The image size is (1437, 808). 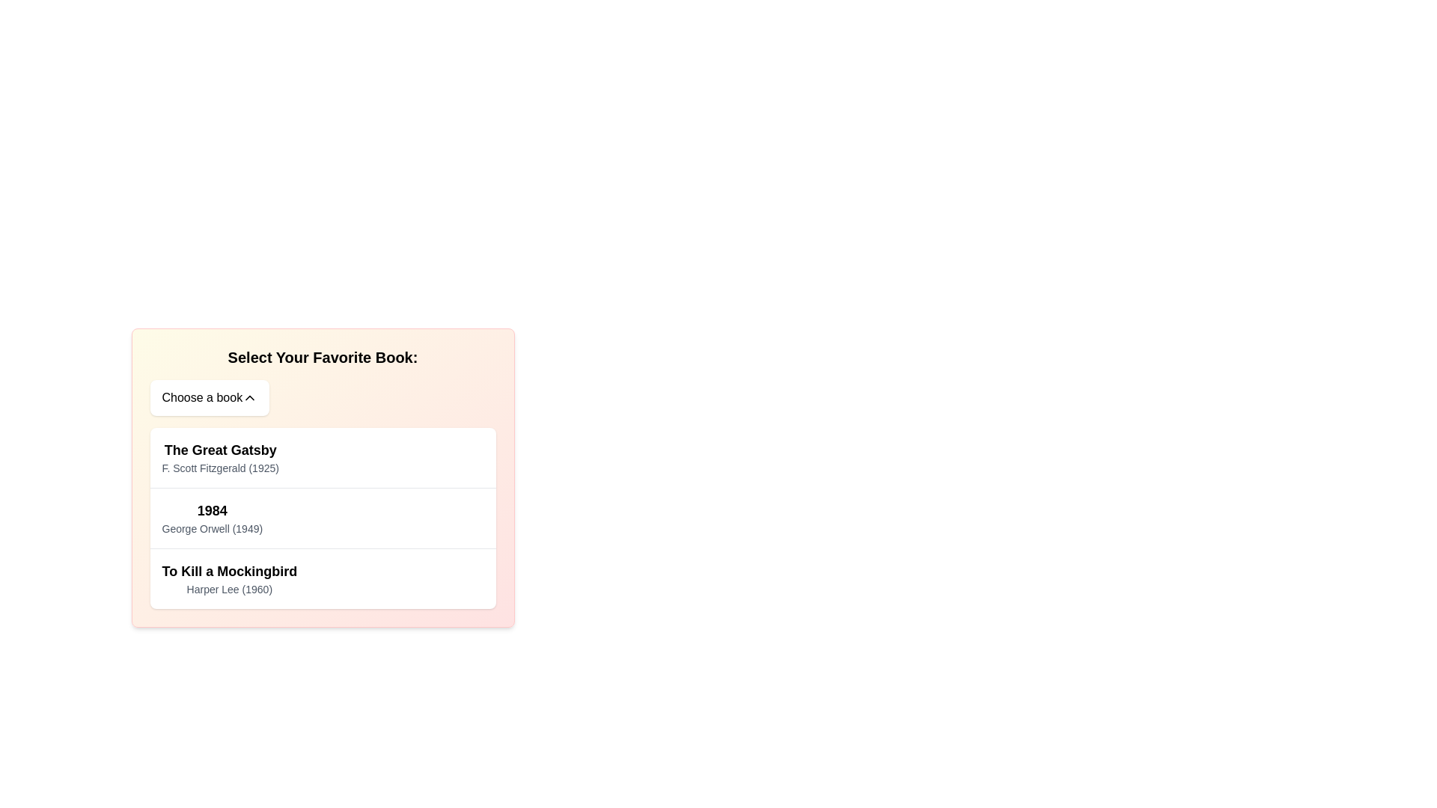 I want to click on the text element that provides additional information about the book 'The Great Gatsby', specifically the author and publication year, positioned directly below the title, so click(x=219, y=467).